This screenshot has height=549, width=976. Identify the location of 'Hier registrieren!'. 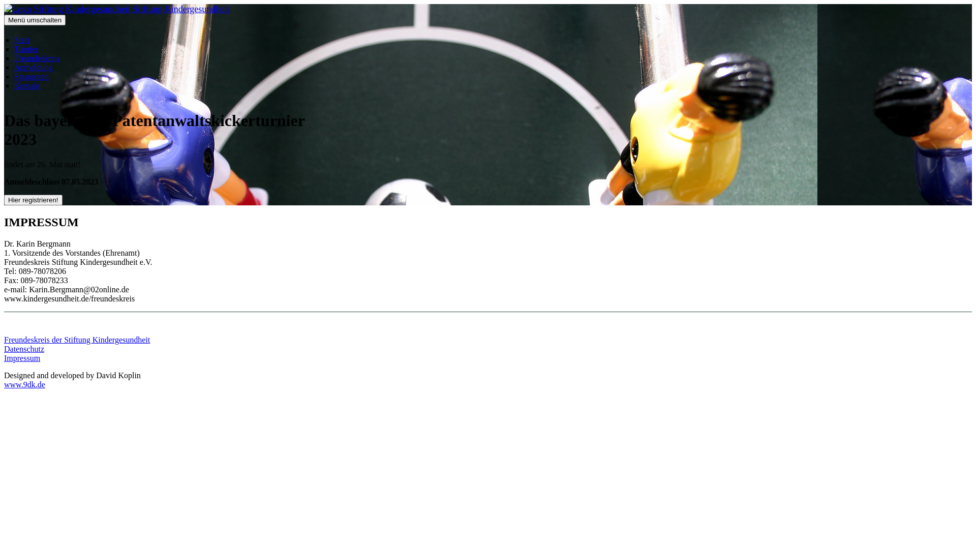
(33, 199).